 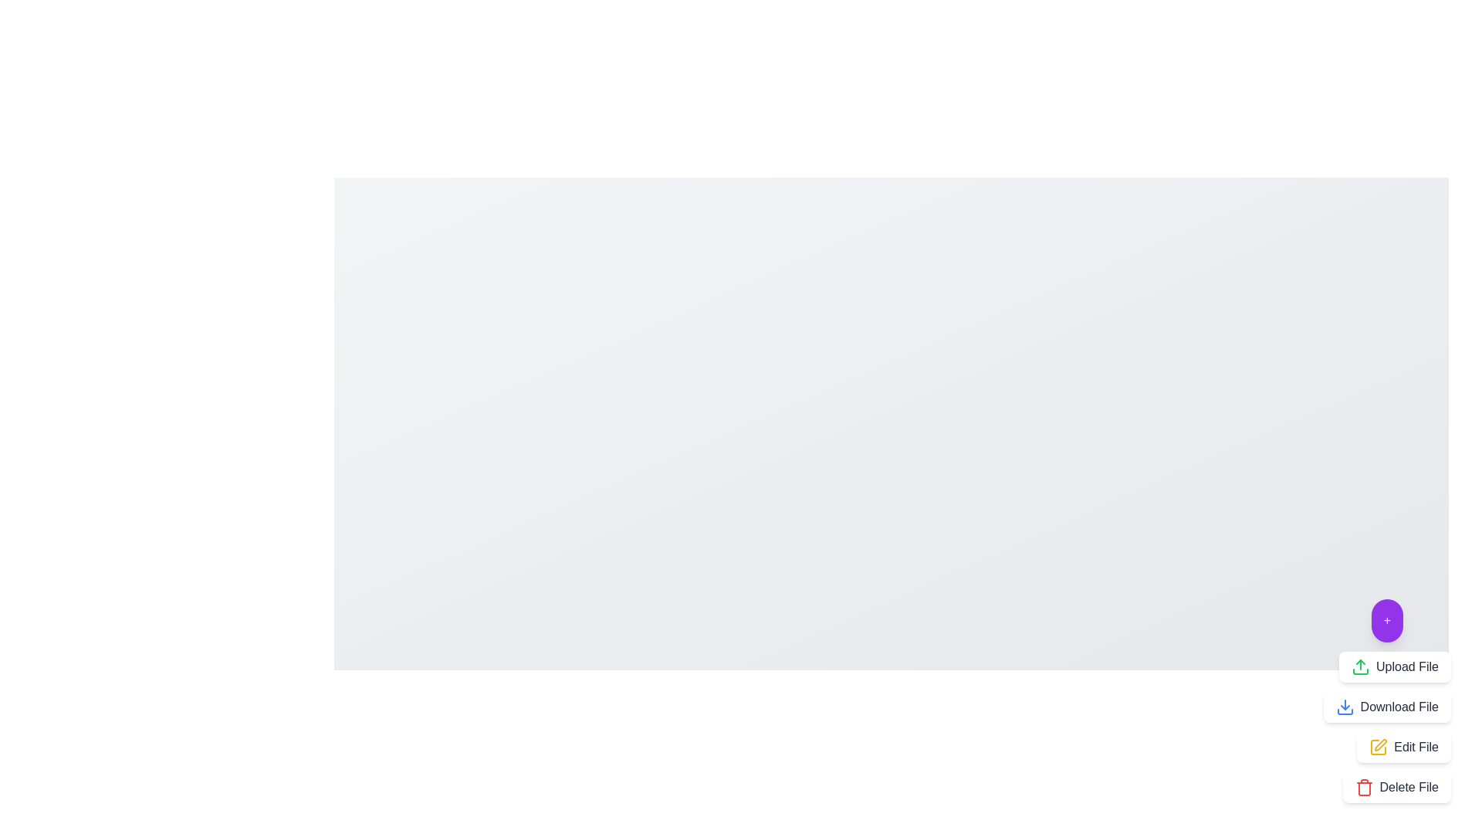 What do you see at coordinates (1386, 619) in the screenshot?
I see `'+' button to toggle the action menu` at bounding box center [1386, 619].